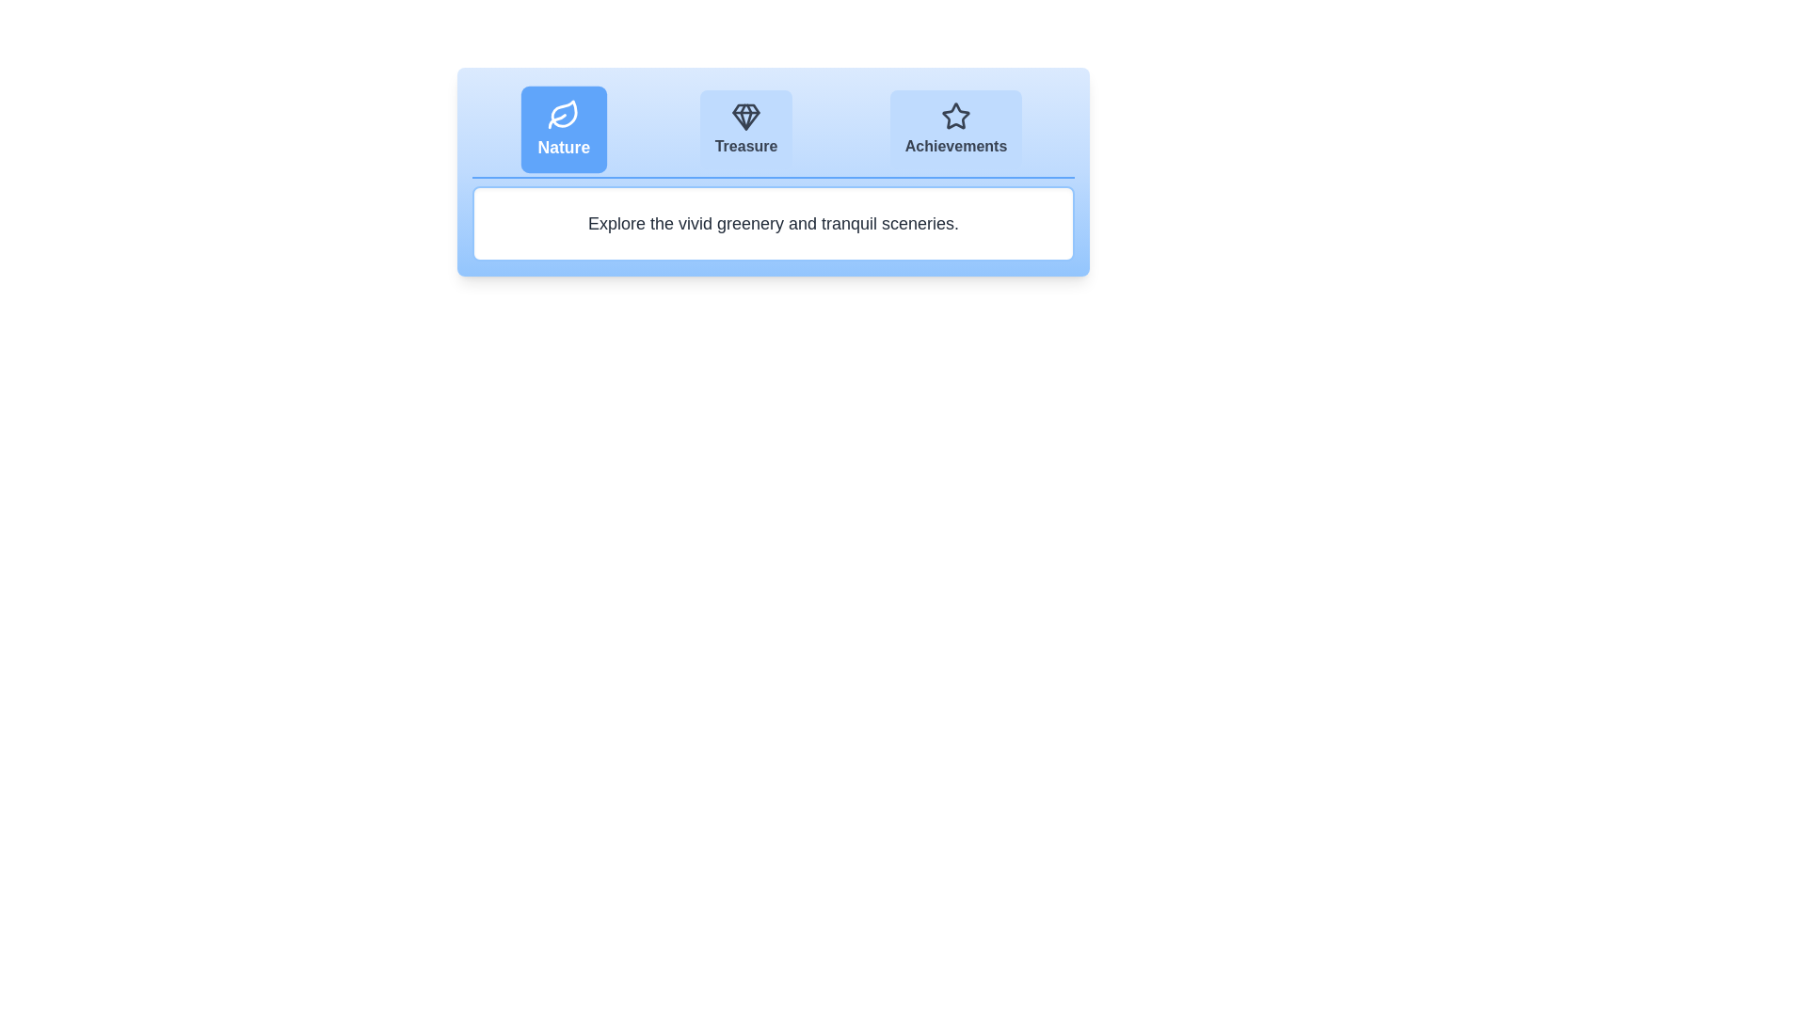 The width and height of the screenshot is (1807, 1016). What do you see at coordinates (563, 129) in the screenshot?
I see `the Nature tab` at bounding box center [563, 129].